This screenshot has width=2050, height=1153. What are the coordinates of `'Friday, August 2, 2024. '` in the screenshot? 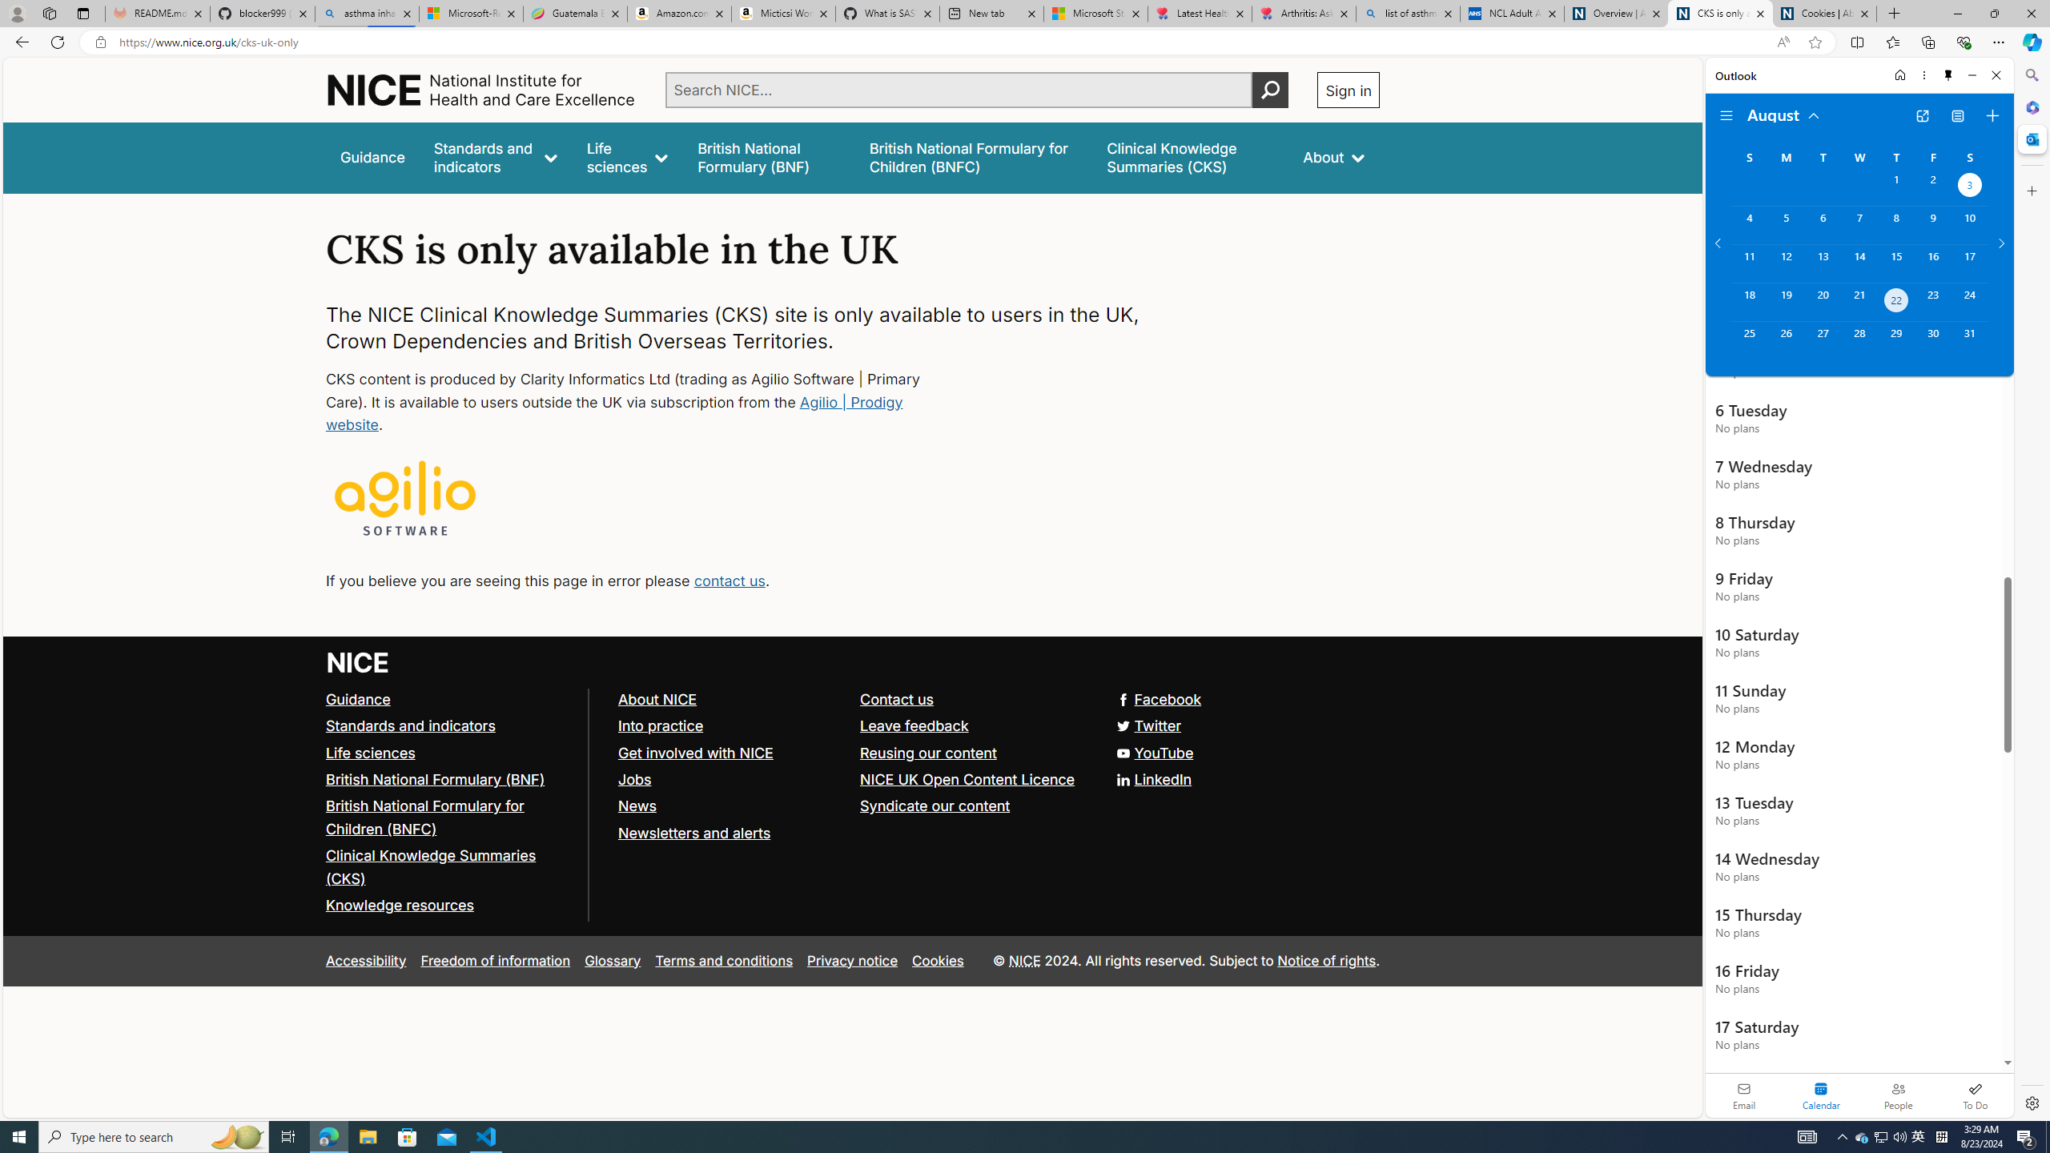 It's located at (1932, 187).